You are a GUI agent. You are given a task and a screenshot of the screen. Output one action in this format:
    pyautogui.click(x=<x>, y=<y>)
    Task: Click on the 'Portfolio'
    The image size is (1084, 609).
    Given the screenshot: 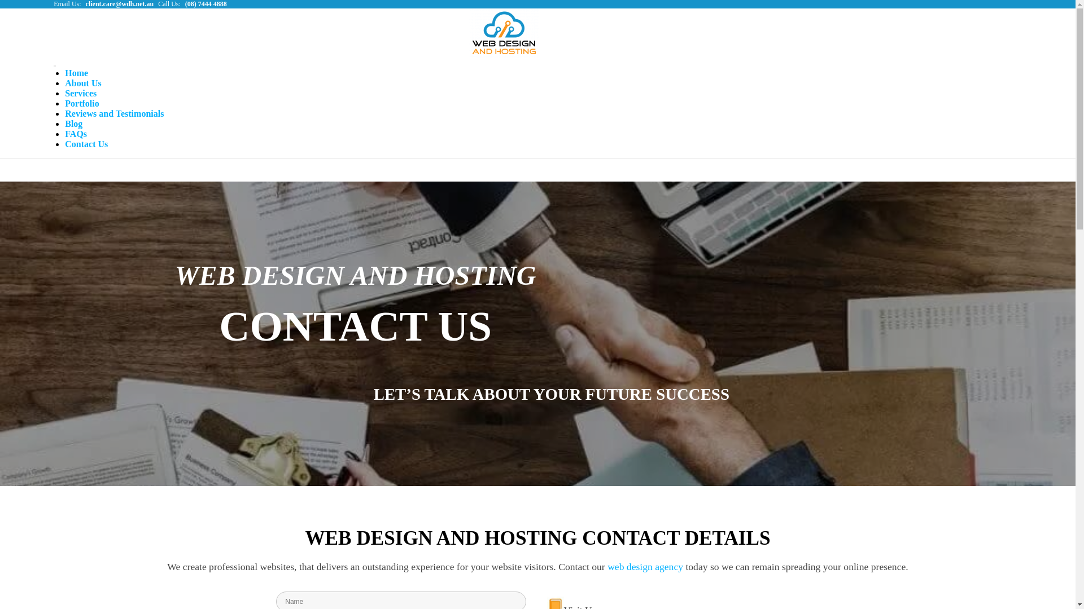 What is the action you would take?
    pyautogui.click(x=81, y=103)
    